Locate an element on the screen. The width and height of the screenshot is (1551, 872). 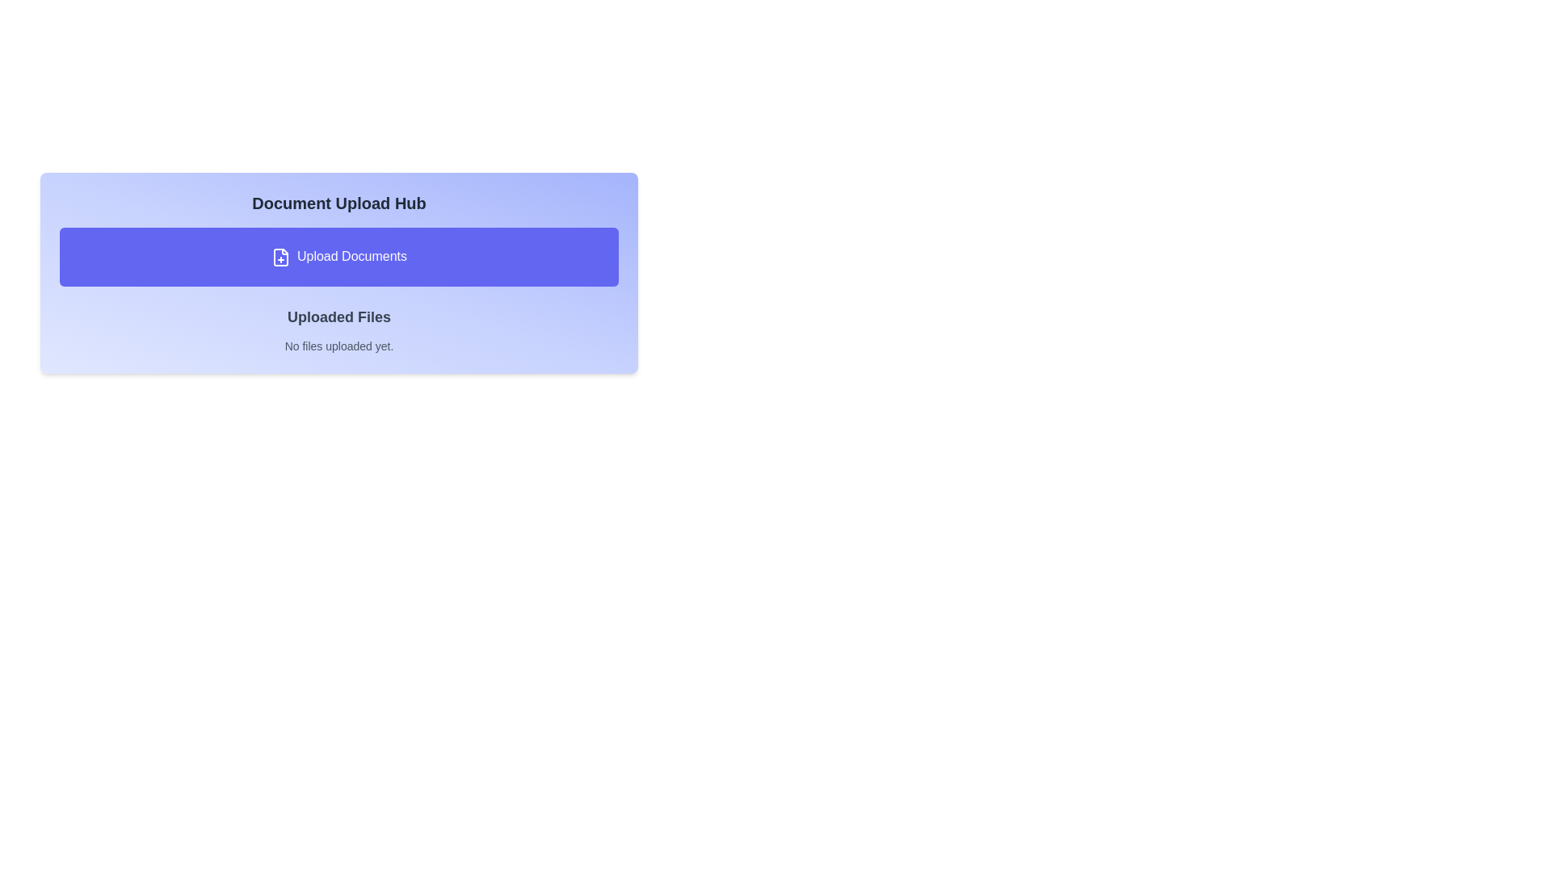
the icon located on the left side of the 'Upload Documents' button is located at coordinates (280, 256).